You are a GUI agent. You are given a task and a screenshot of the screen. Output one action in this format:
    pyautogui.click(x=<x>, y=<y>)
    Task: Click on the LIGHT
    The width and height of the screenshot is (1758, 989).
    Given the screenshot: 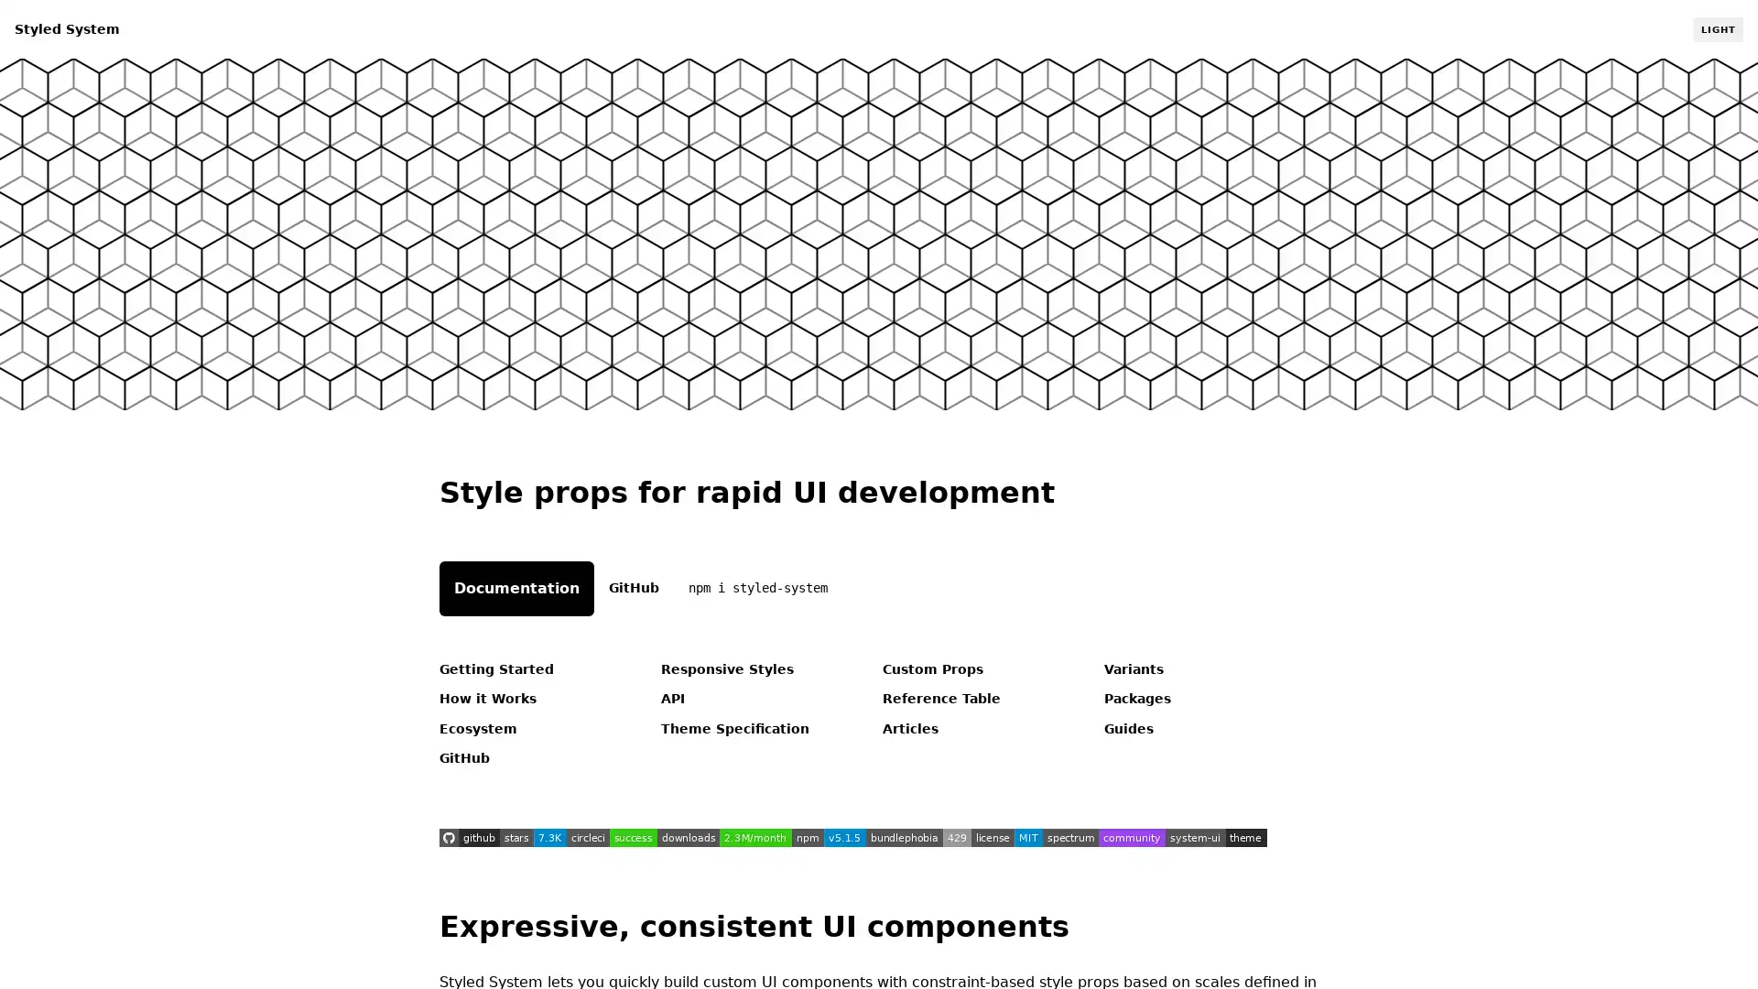 What is the action you would take?
    pyautogui.click(x=1717, y=28)
    